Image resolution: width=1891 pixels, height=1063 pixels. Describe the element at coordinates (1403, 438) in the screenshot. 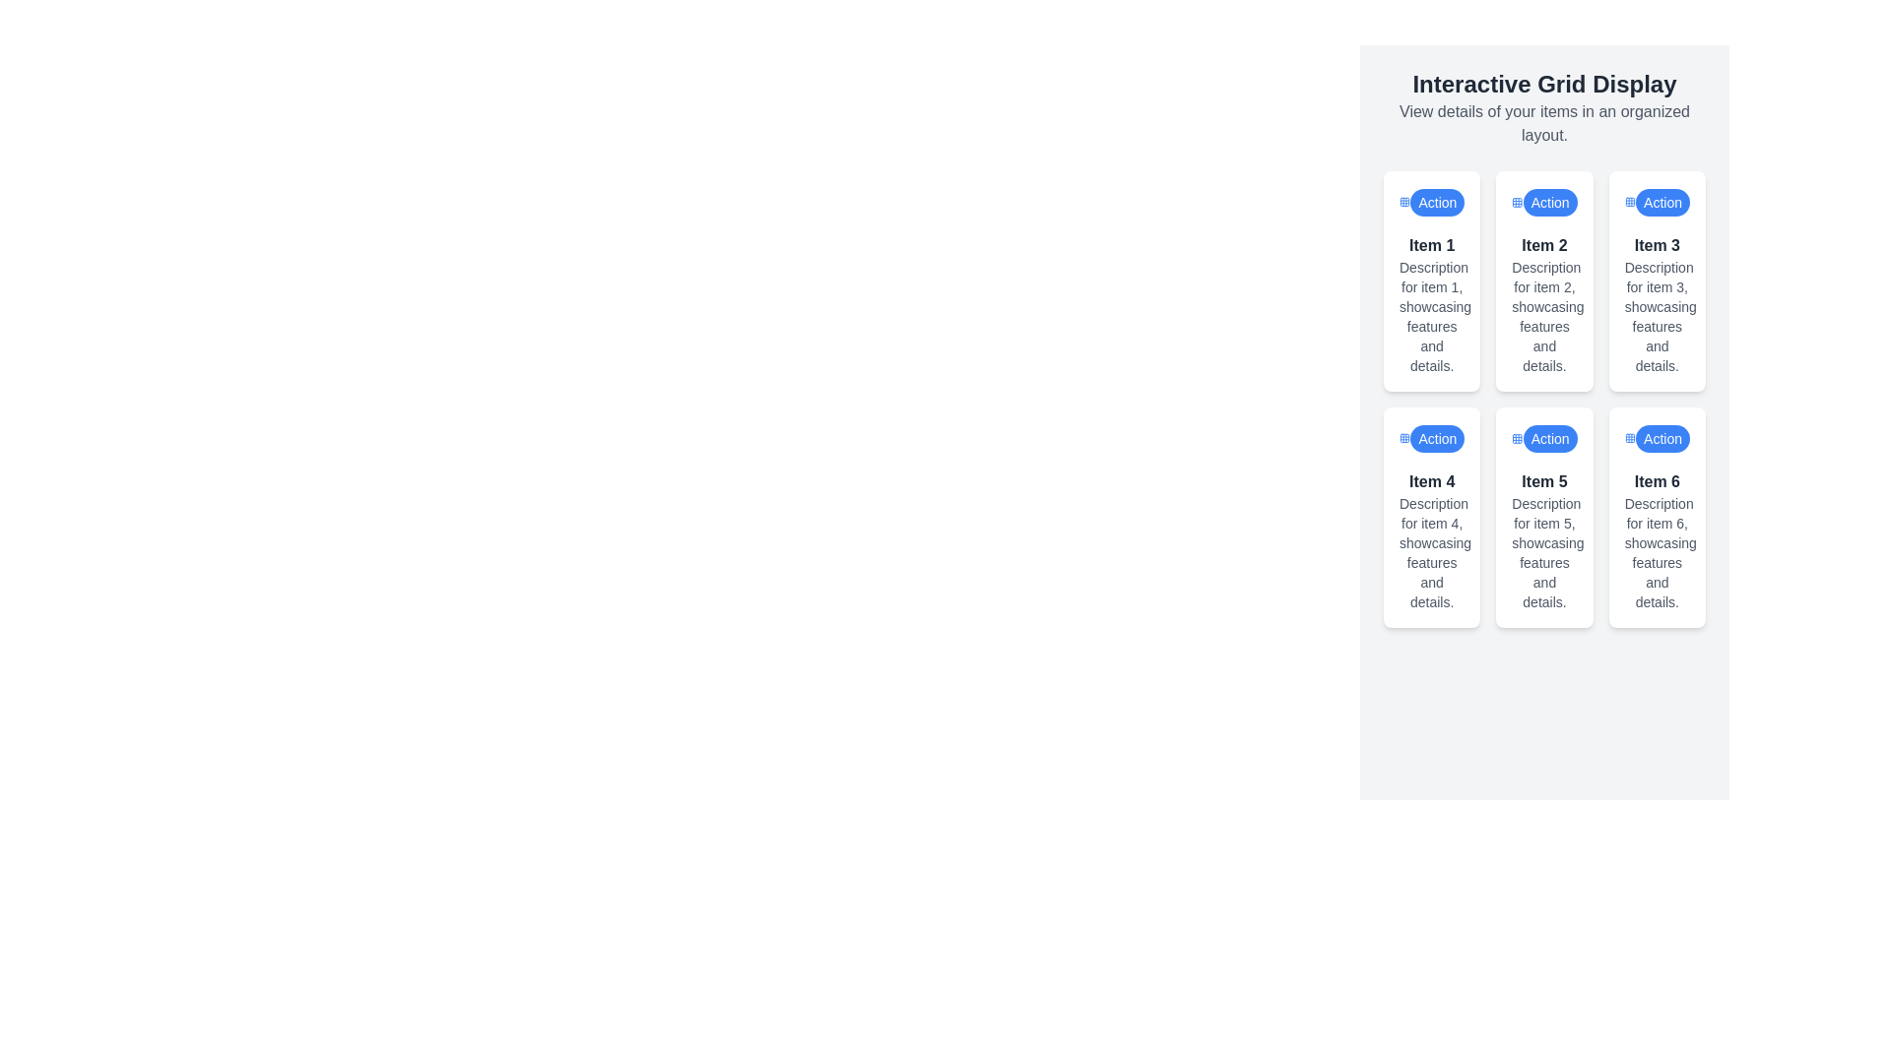

I see `3x3 grid layout icon with blue color located to the left of the 'Action' button in the fourth item of the card labeled 'Item 4' under 'Interactive Grid Display'` at that location.